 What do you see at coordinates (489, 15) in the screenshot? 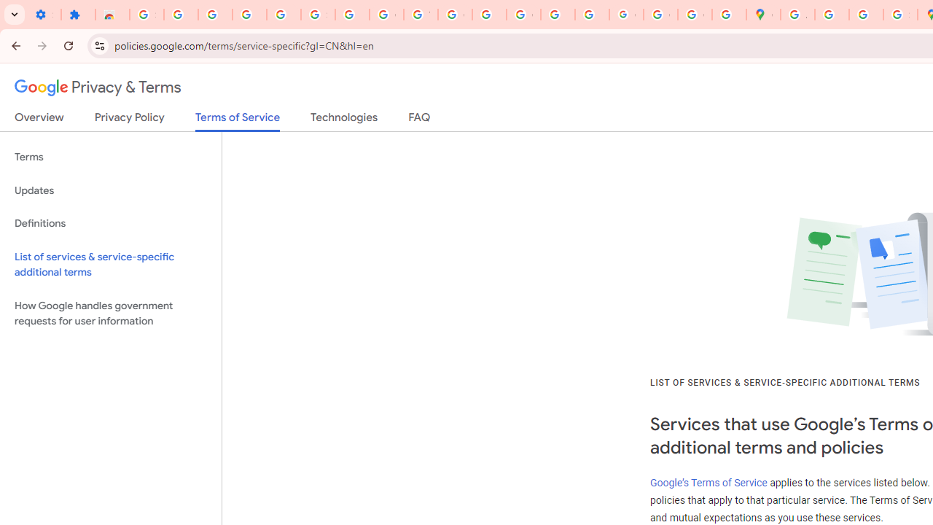
I see `'https://scholar.google.com/'` at bounding box center [489, 15].